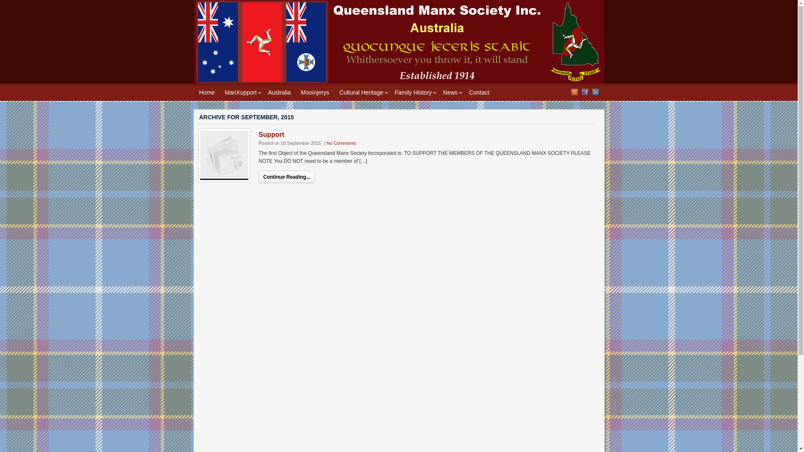 This screenshot has height=452, width=804. What do you see at coordinates (584, 92) in the screenshot?
I see `'Facebook'` at bounding box center [584, 92].